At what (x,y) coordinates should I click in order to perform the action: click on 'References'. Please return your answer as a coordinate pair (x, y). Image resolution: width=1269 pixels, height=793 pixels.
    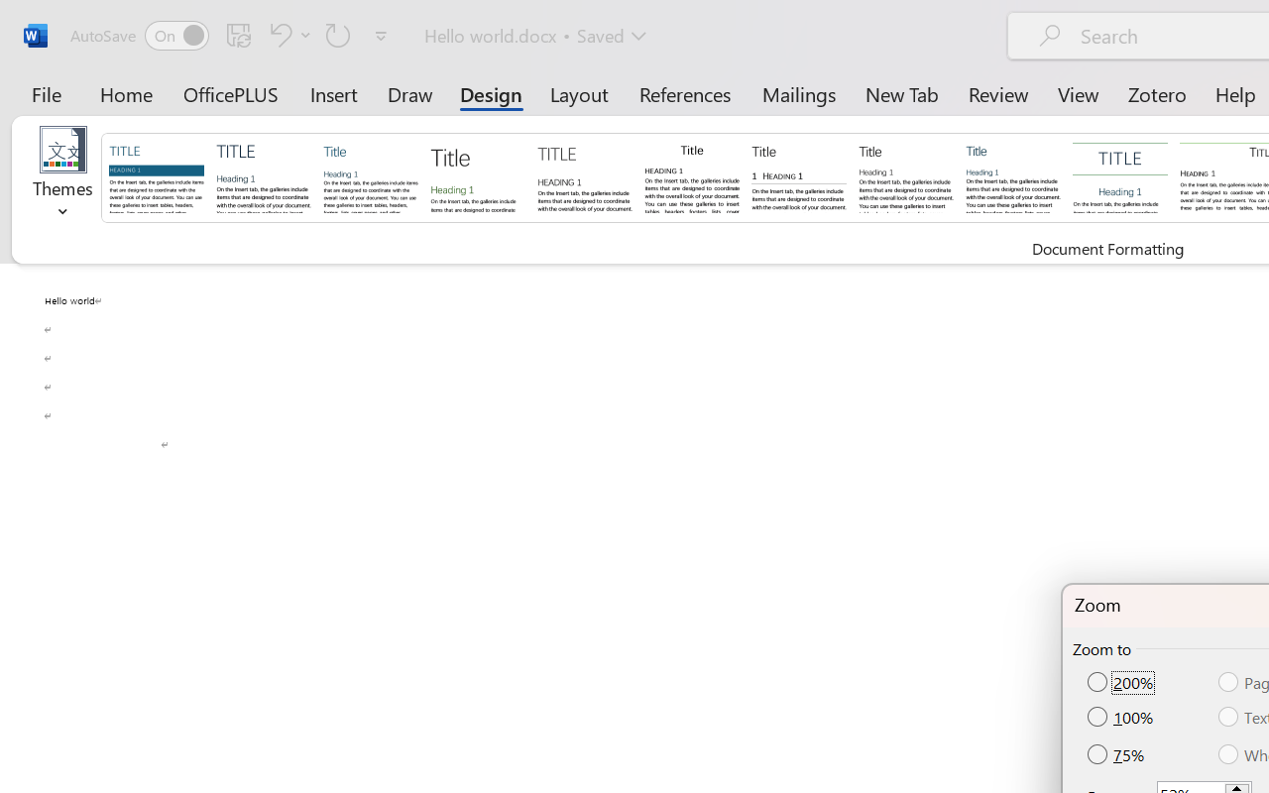
    Looking at the image, I should click on (685, 93).